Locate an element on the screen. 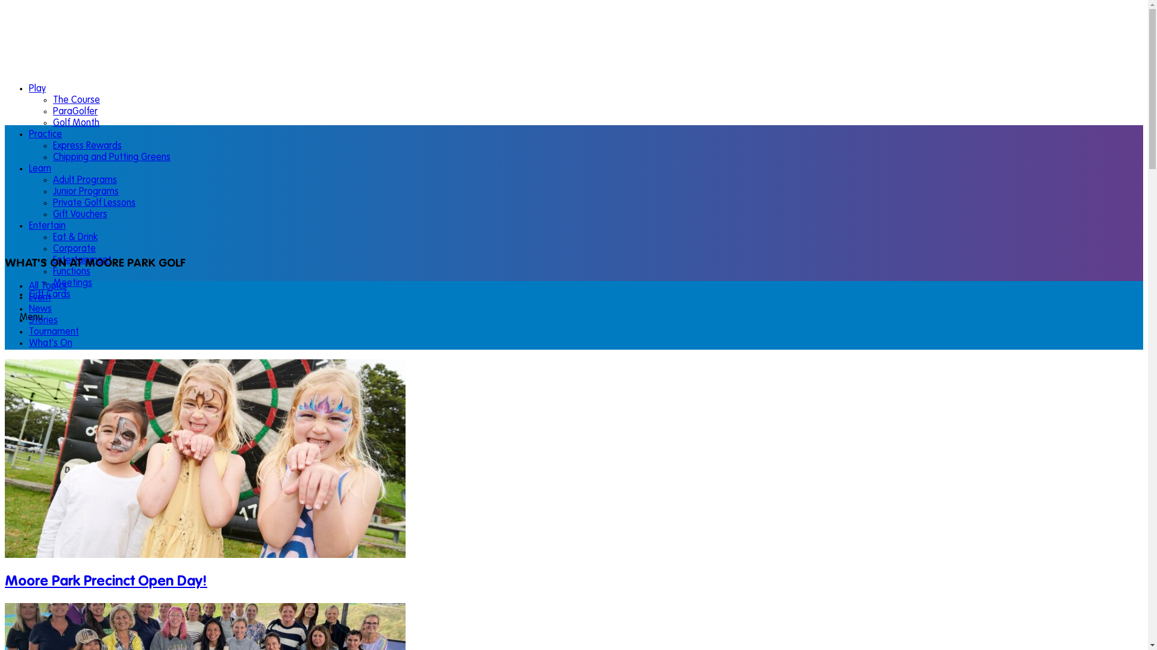 This screenshot has height=650, width=1157. 'Golf Month' is located at coordinates (75, 123).